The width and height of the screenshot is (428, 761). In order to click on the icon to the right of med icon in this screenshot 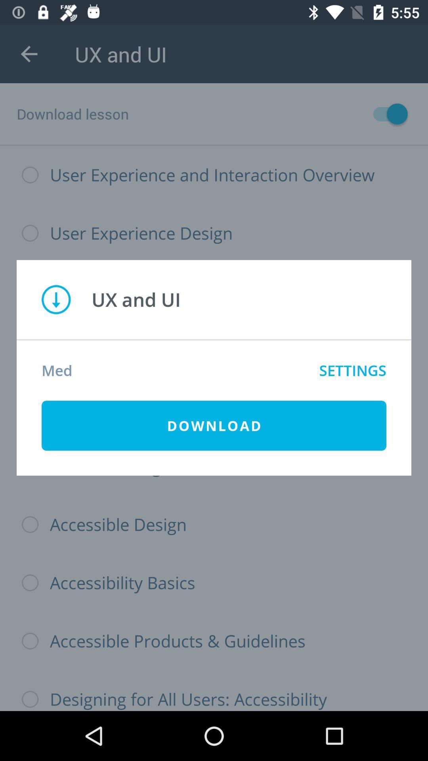, I will do `click(352, 370)`.